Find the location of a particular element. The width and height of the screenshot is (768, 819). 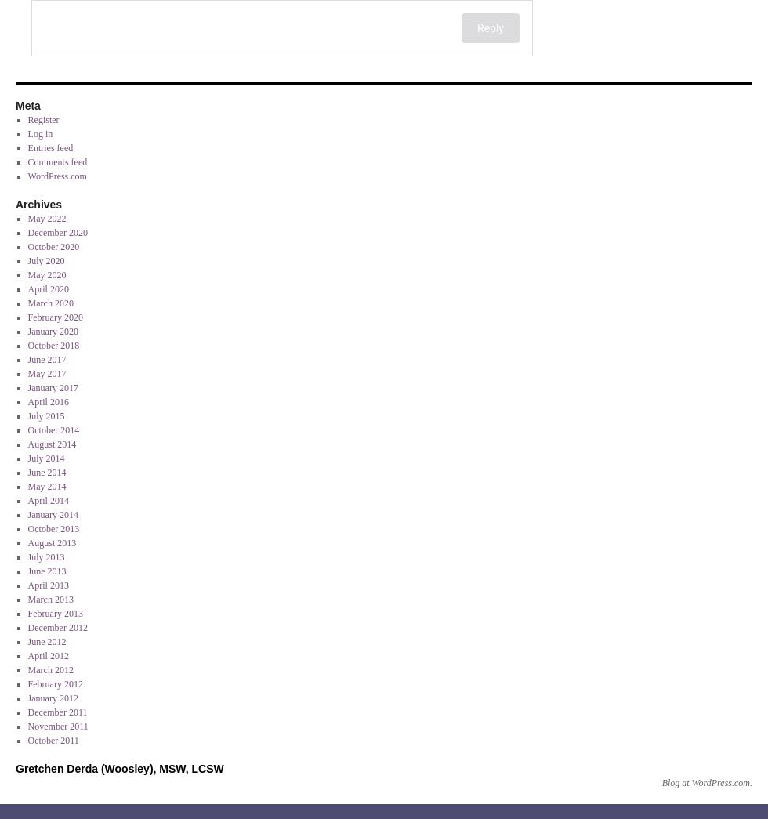

'August 2013' is located at coordinates (51, 543).